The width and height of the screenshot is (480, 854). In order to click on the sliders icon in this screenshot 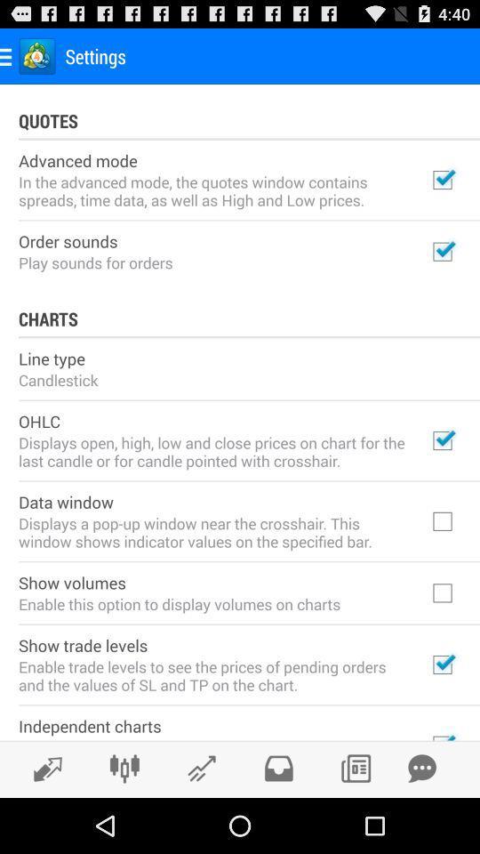, I will do `click(124, 822)`.